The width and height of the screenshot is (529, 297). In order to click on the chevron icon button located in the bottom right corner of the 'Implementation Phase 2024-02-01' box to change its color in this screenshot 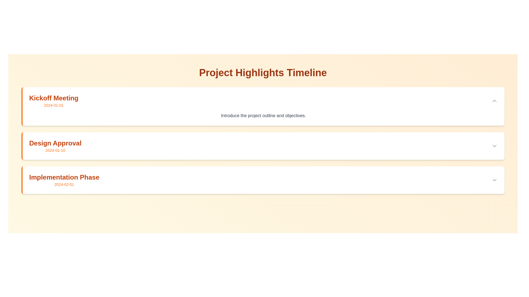, I will do `click(495, 180)`.